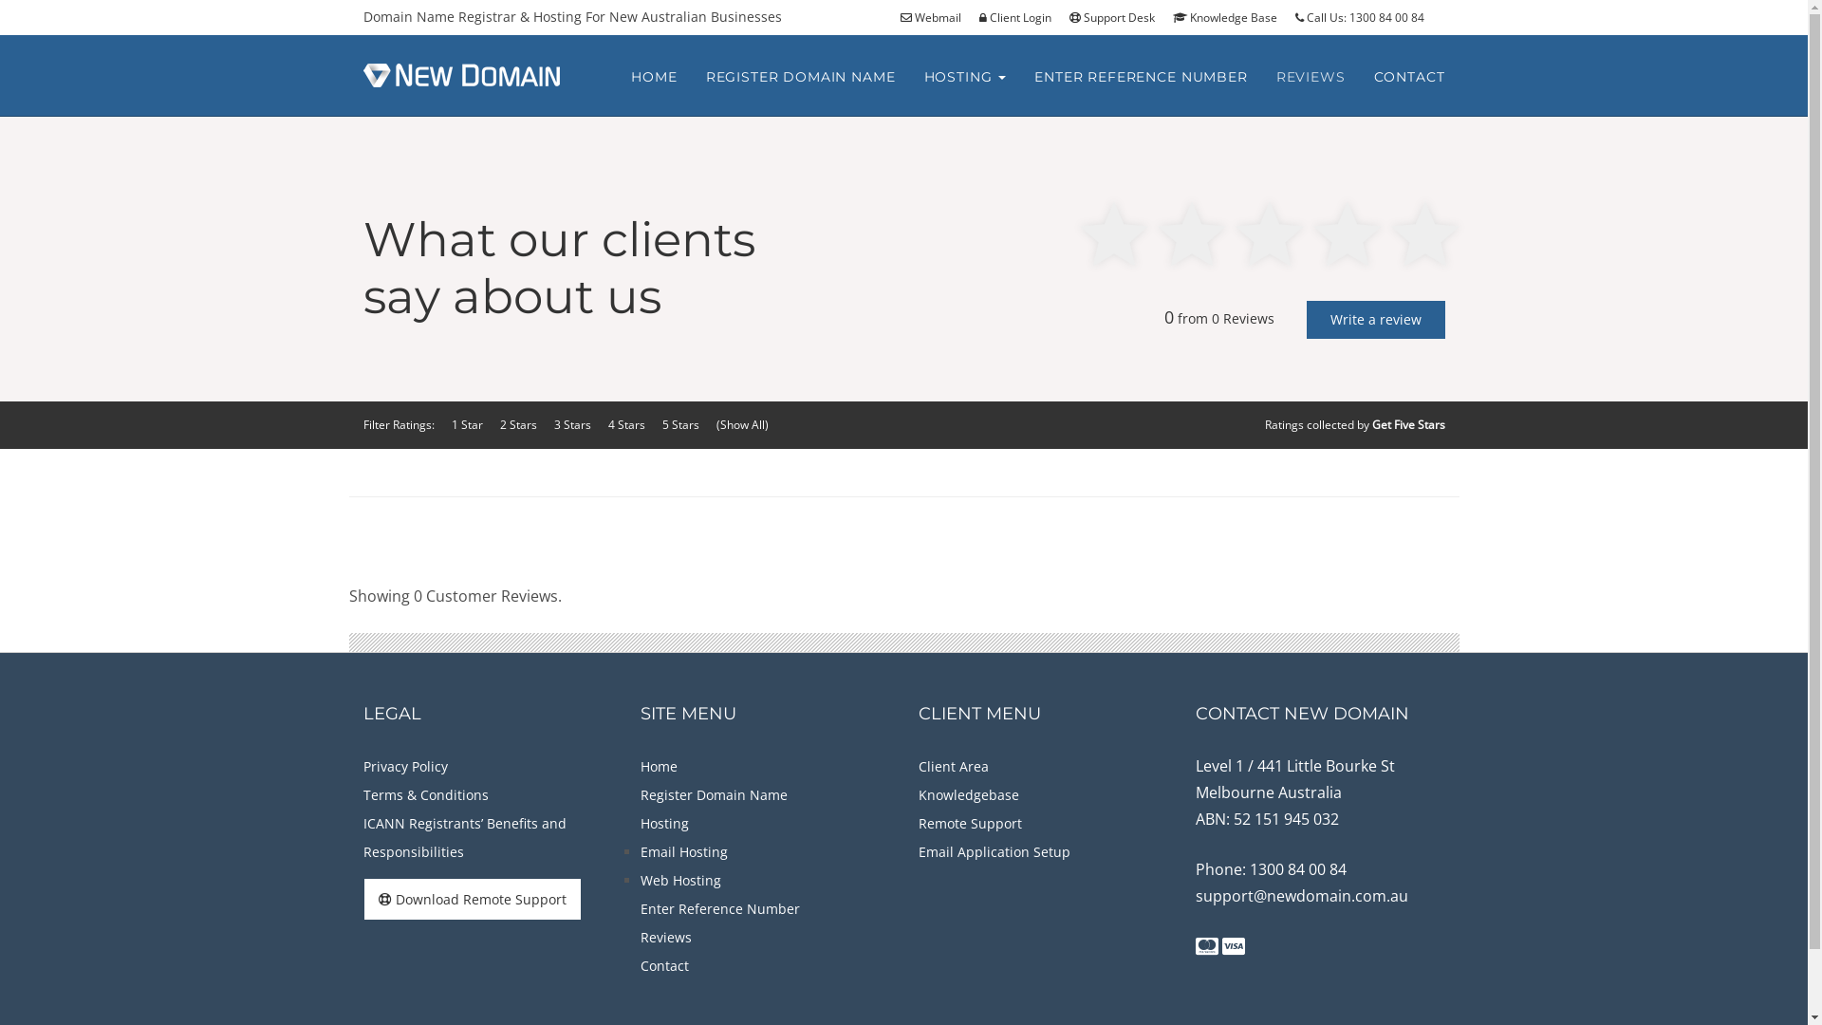 The width and height of the screenshot is (1822, 1025). What do you see at coordinates (571, 423) in the screenshot?
I see `'3 Stars'` at bounding box center [571, 423].